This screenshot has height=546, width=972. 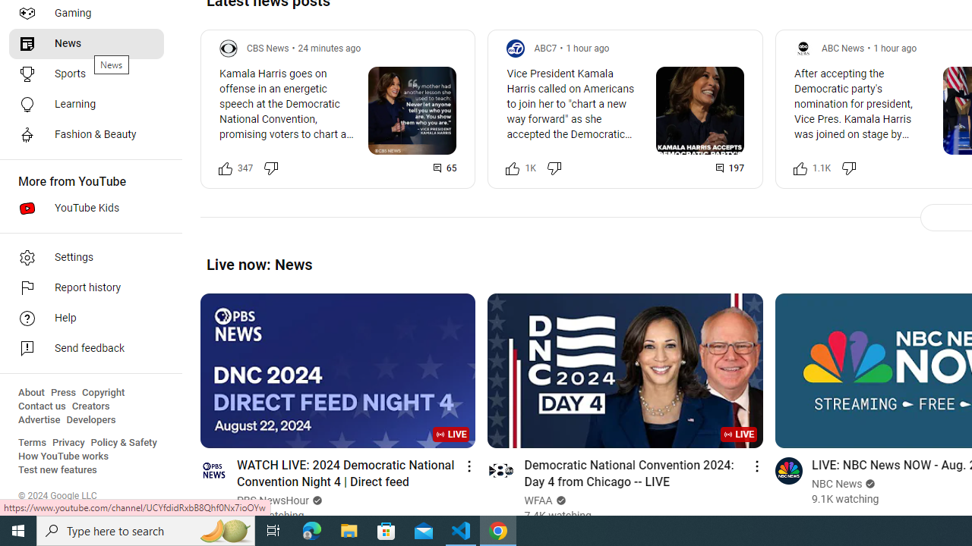 What do you see at coordinates (85, 349) in the screenshot?
I see `'Send feedback'` at bounding box center [85, 349].